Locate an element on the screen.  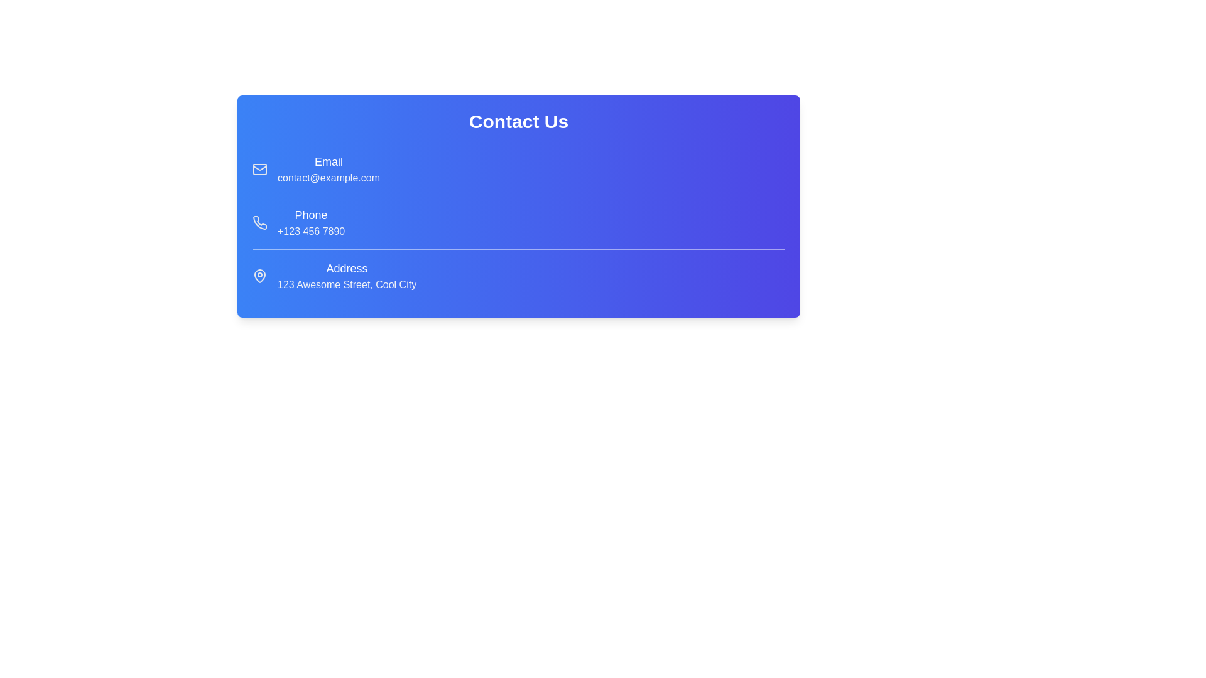
the map pin icon, which is a vector graphic with a modern thin outline and rounded edges, displayed in light gray on a blue background, located adjacent to the 'Address' label is located at coordinates (259, 275).